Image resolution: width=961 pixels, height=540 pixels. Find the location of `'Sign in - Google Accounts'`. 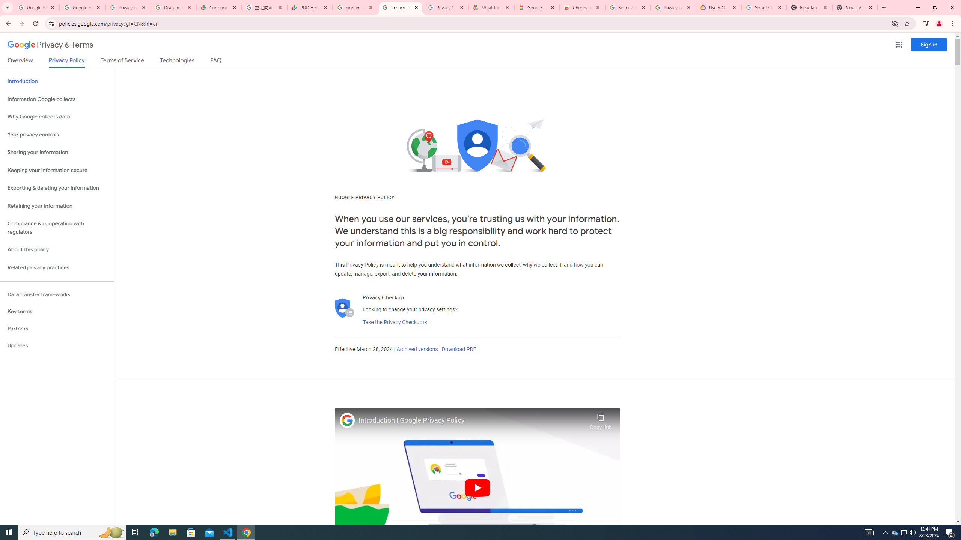

'Sign in - Google Accounts' is located at coordinates (355, 7).